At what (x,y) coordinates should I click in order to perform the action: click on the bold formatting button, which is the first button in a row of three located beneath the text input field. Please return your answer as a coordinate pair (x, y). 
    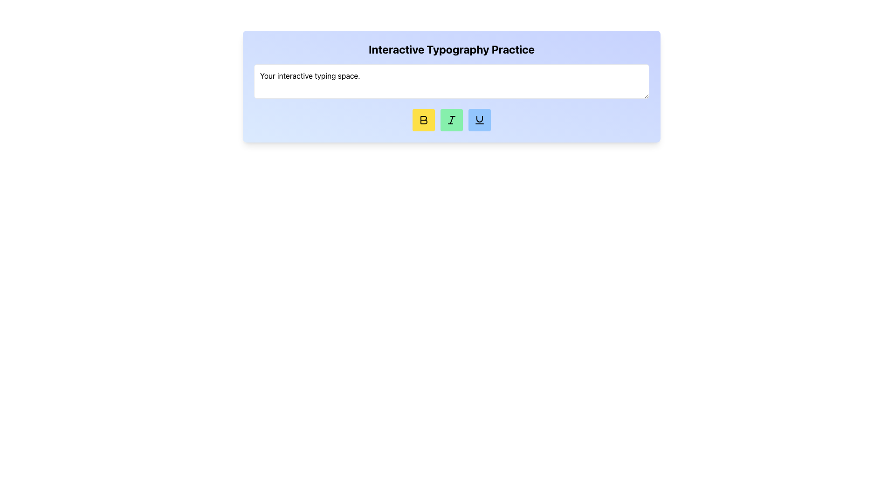
    Looking at the image, I should click on (423, 120).